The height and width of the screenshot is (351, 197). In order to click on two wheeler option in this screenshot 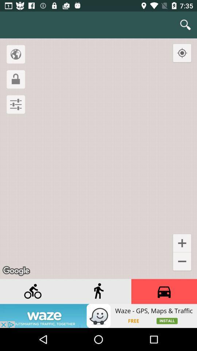, I will do `click(32, 291)`.